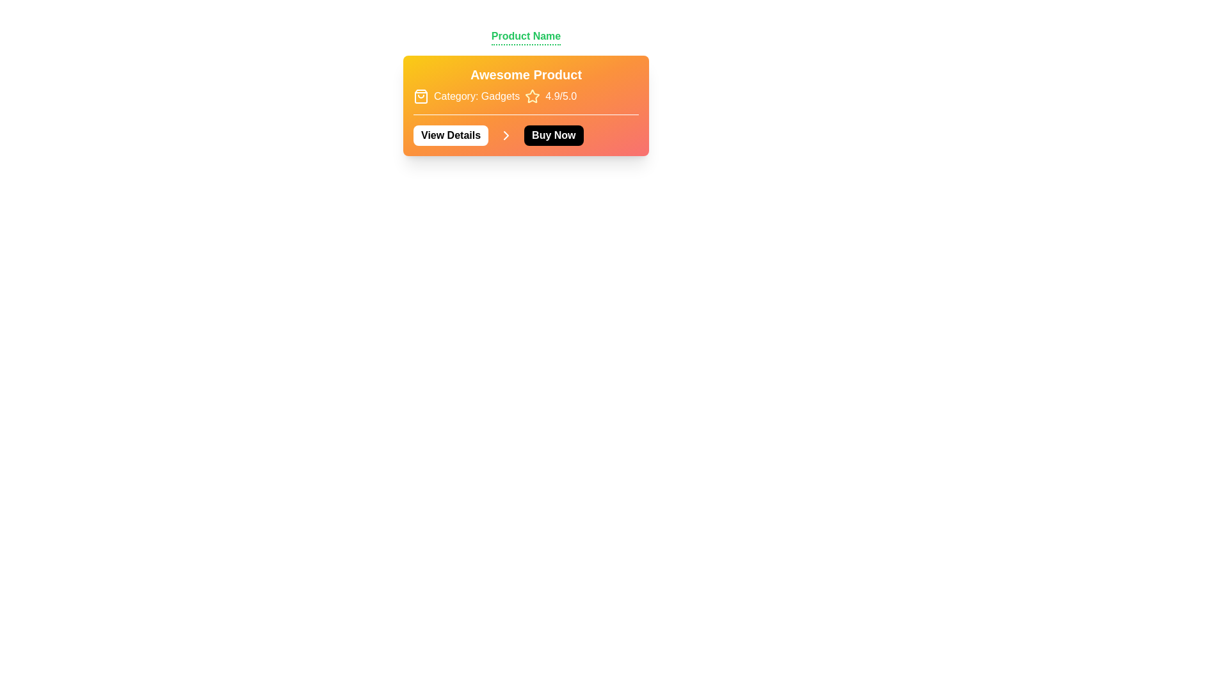 This screenshot has width=1229, height=691. I want to click on the shopping bag icon located to the left of the text 'Category: Gadgets' at the top-left of the product card component, so click(421, 95).